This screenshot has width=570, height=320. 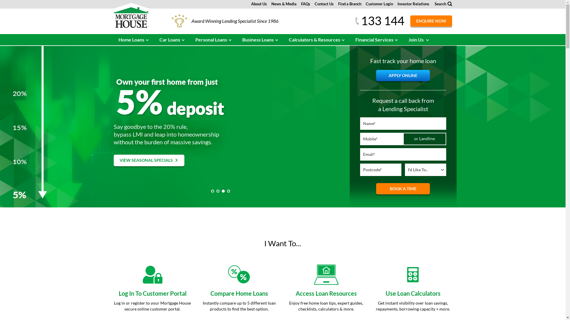 What do you see at coordinates (305, 4) in the screenshot?
I see `'FAQs'` at bounding box center [305, 4].